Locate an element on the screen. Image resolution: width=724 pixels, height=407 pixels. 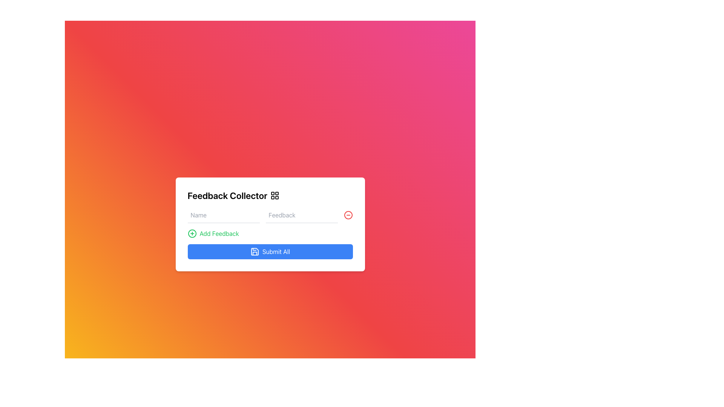
the 'Submit All' button, which is a bright blue button with rounded corners, located below the 'Add Feedback' button and input fields for 'Name' and 'Feedback' is located at coordinates (270, 251).